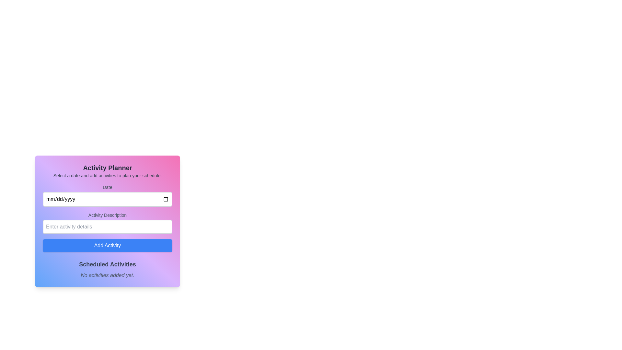  I want to click on the label that provides context for the input field below it, which is positioned directly above the text input box with the placeholder 'Enter activity details', so click(107, 215).